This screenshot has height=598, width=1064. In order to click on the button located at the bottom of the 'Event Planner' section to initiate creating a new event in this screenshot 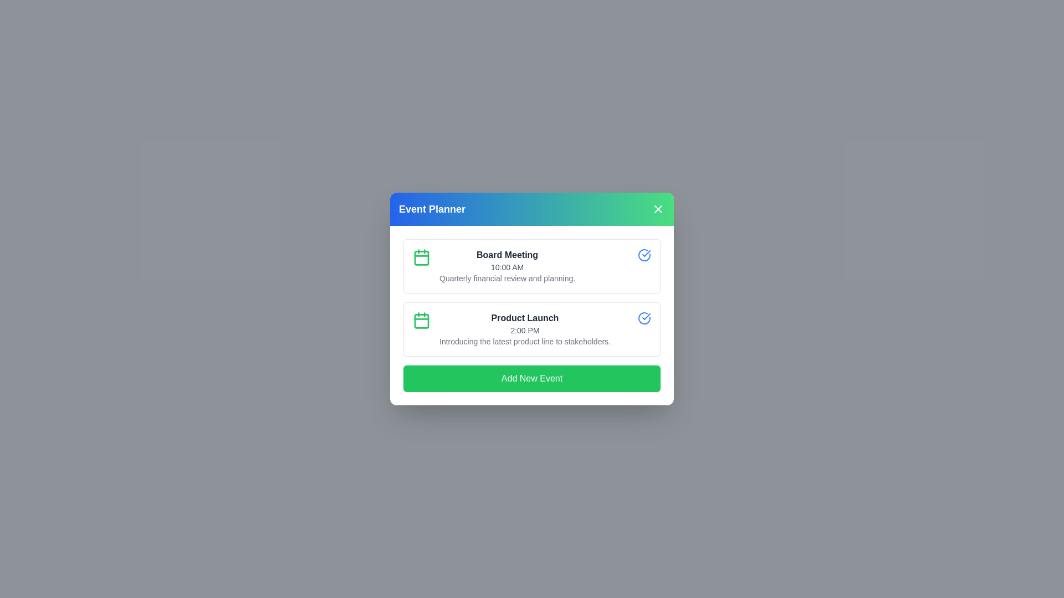, I will do `click(532, 378)`.